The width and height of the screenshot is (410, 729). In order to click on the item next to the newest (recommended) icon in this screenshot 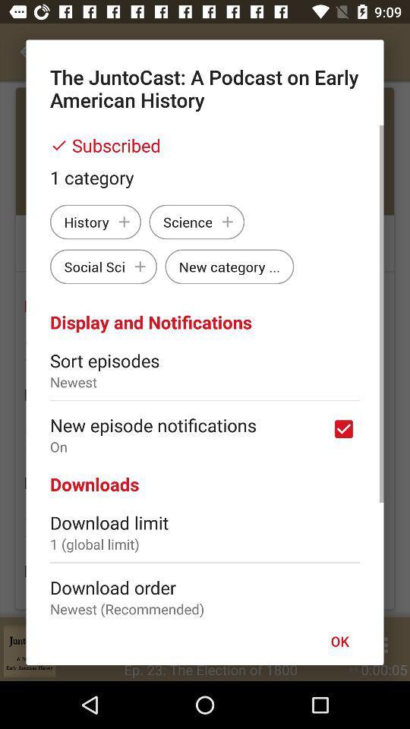, I will do `click(339, 640)`.